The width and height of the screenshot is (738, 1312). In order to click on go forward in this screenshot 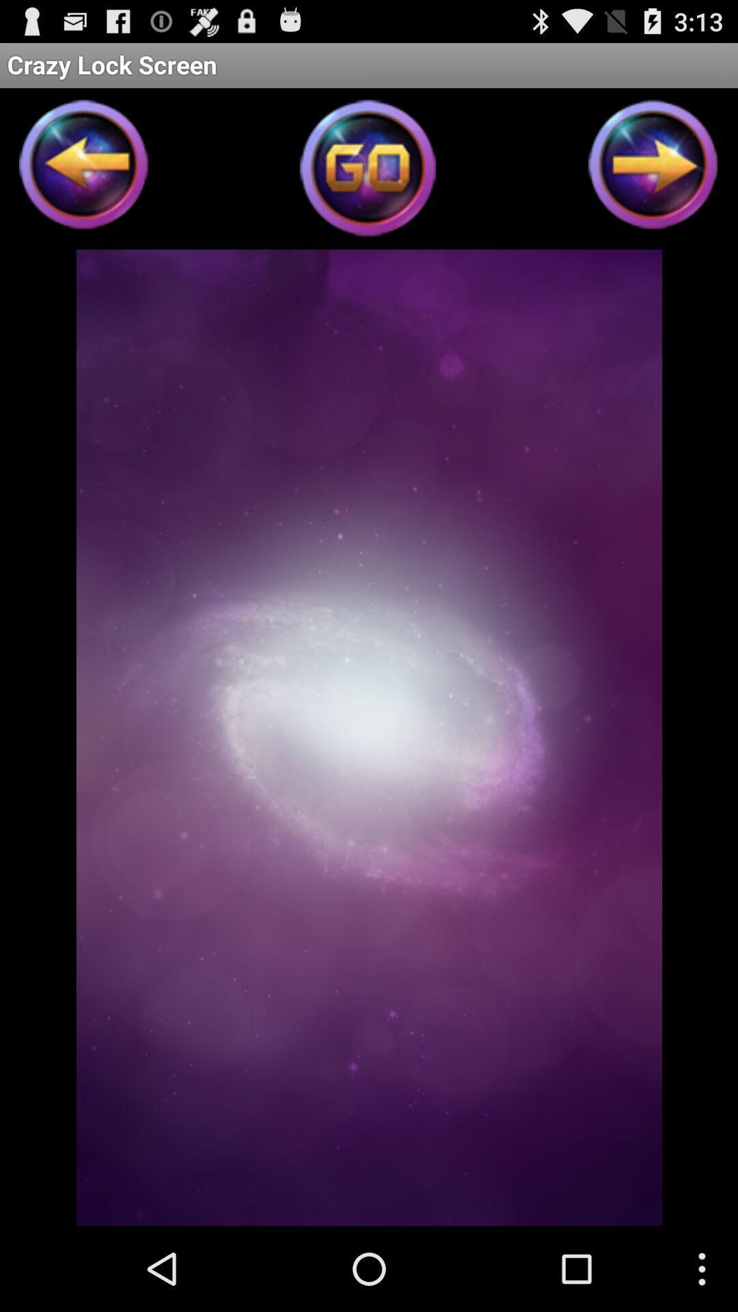, I will do `click(653, 168)`.